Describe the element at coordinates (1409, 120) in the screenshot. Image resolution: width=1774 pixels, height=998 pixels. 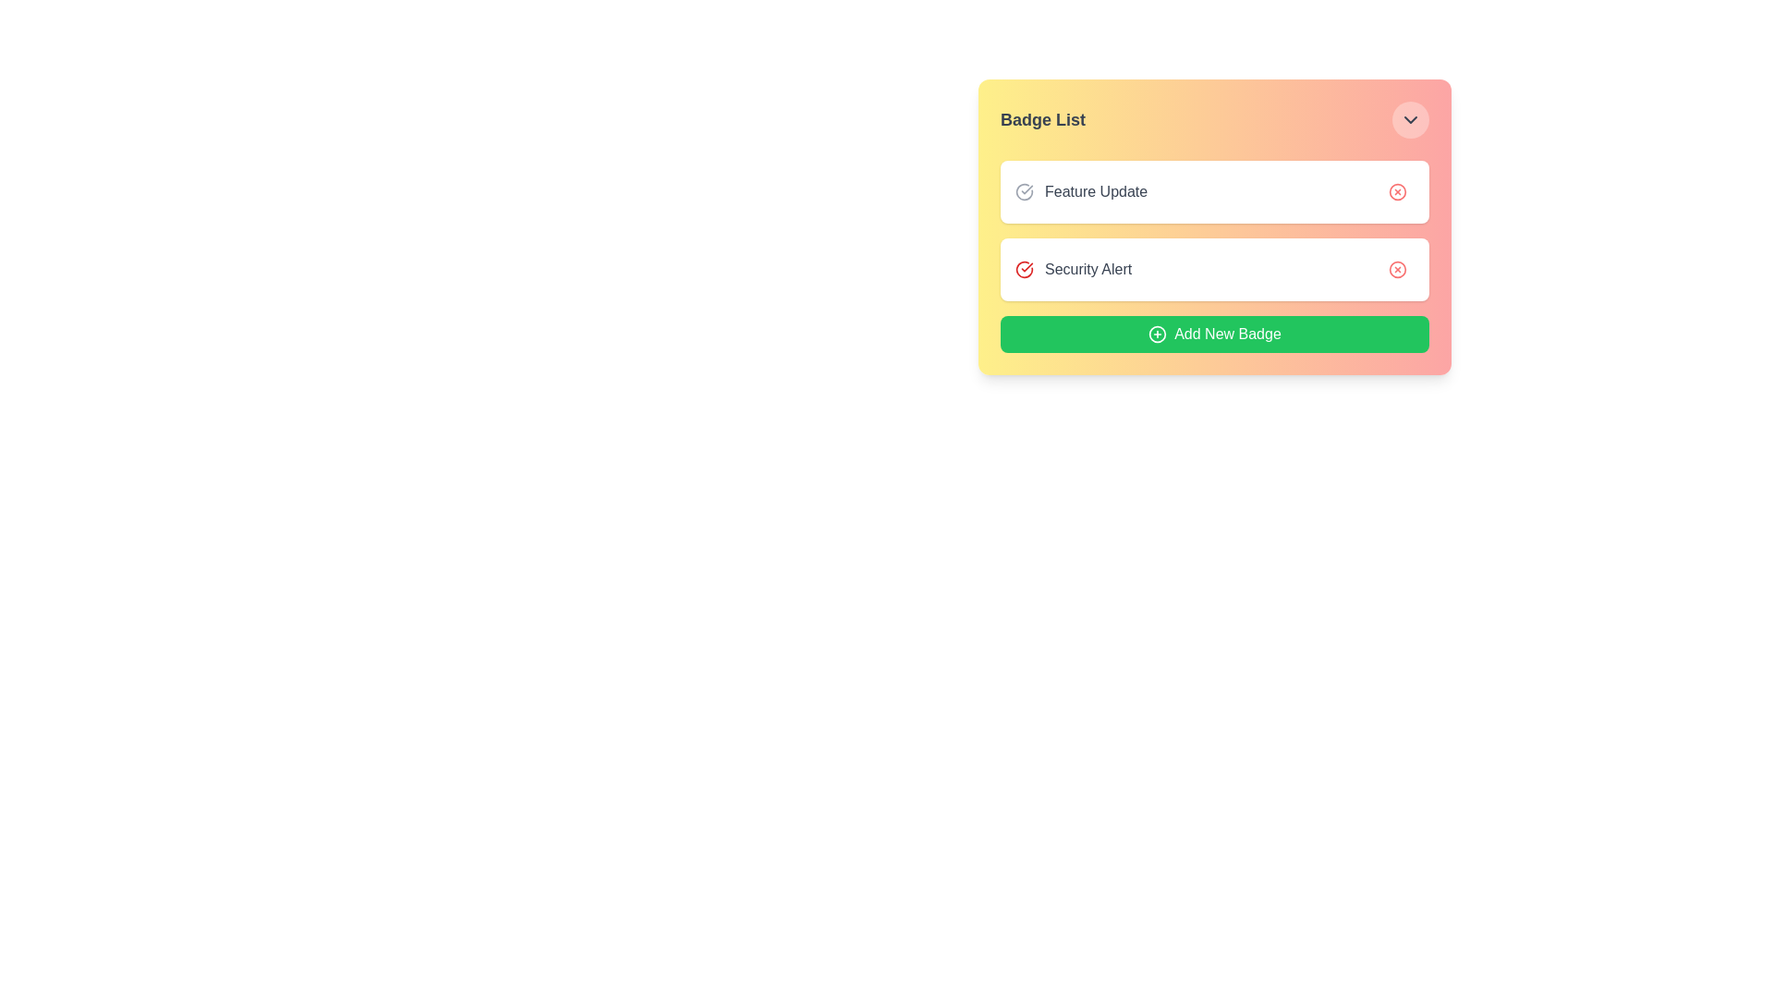
I see `the Dropdown toggle button in the top-right corner of the 'Badge List' section` at that location.